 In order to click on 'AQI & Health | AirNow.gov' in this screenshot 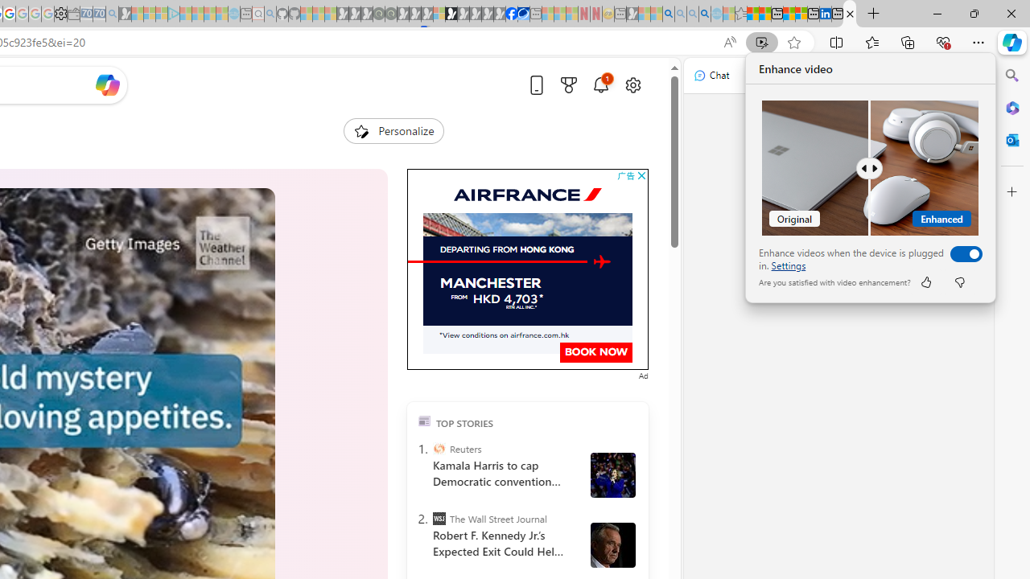, I will do `click(523, 14)`.